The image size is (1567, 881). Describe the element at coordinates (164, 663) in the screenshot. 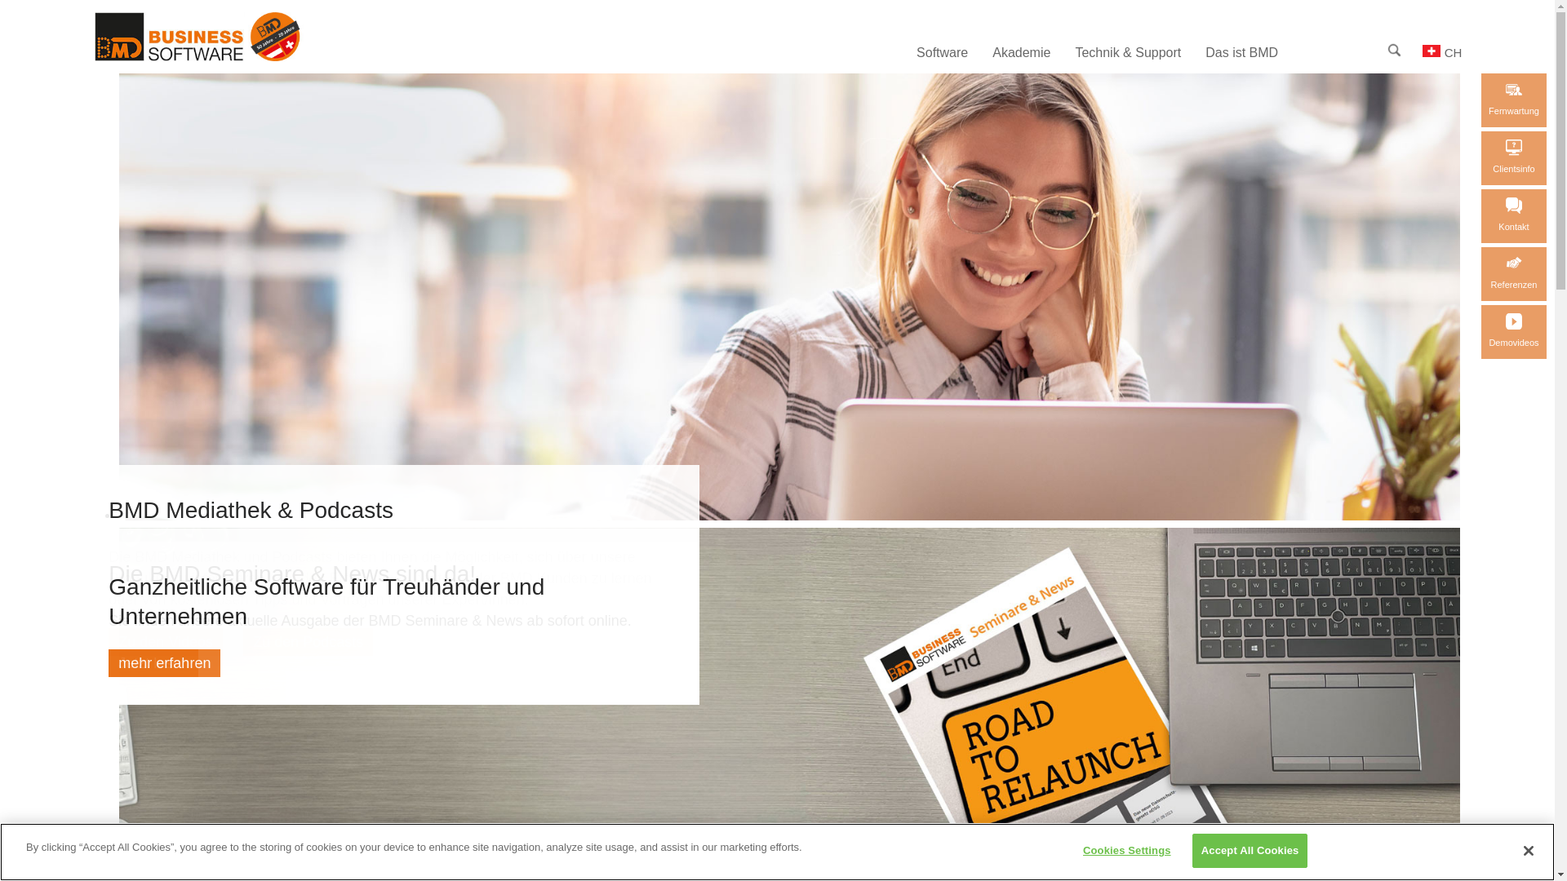

I see `'mehr erfahren'` at that location.